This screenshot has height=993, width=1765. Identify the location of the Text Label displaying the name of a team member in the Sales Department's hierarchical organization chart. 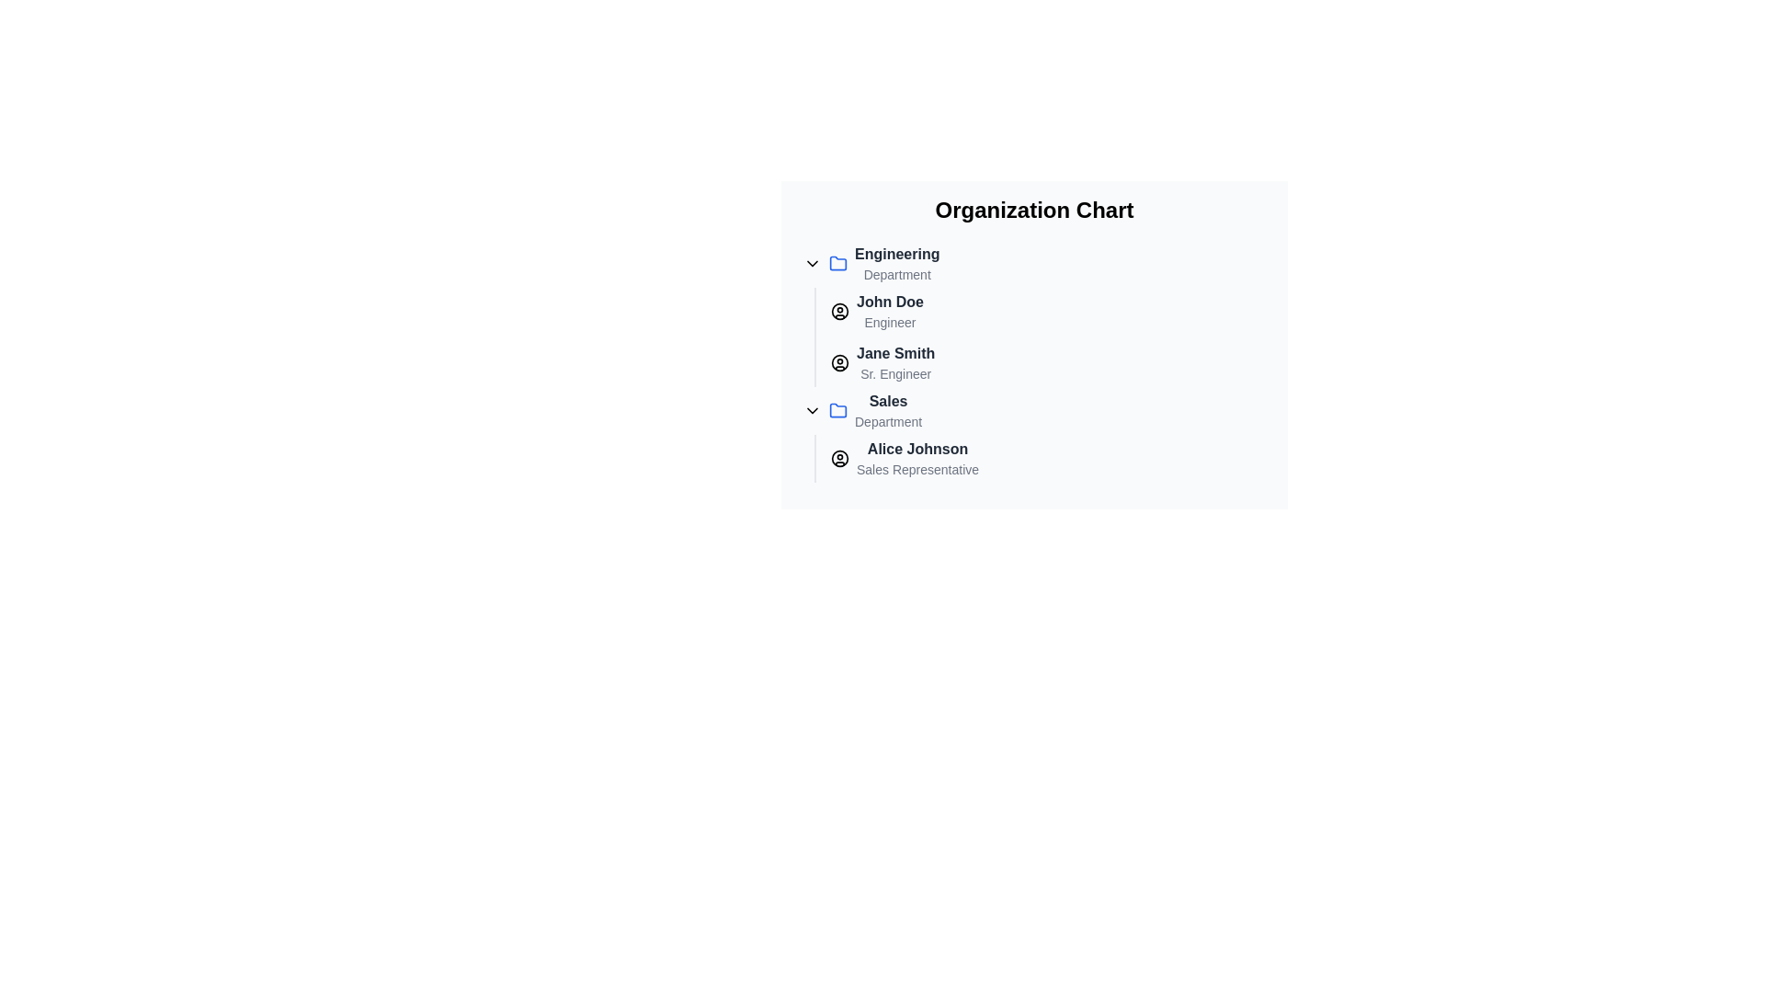
(917, 449).